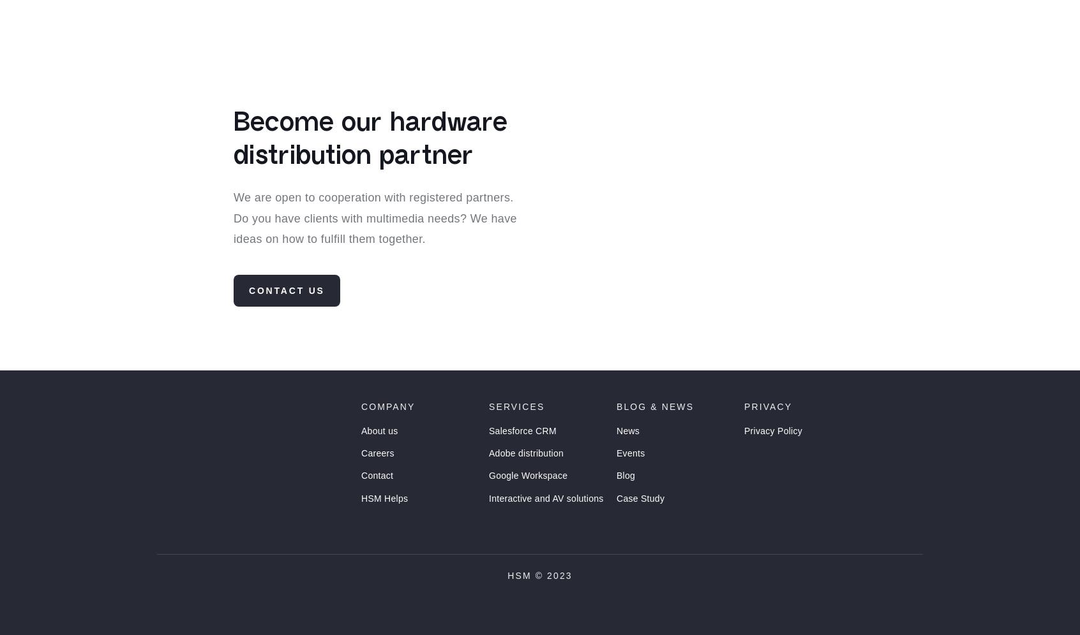  Describe the element at coordinates (640, 521) in the screenshot. I see `'Case Study'` at that location.